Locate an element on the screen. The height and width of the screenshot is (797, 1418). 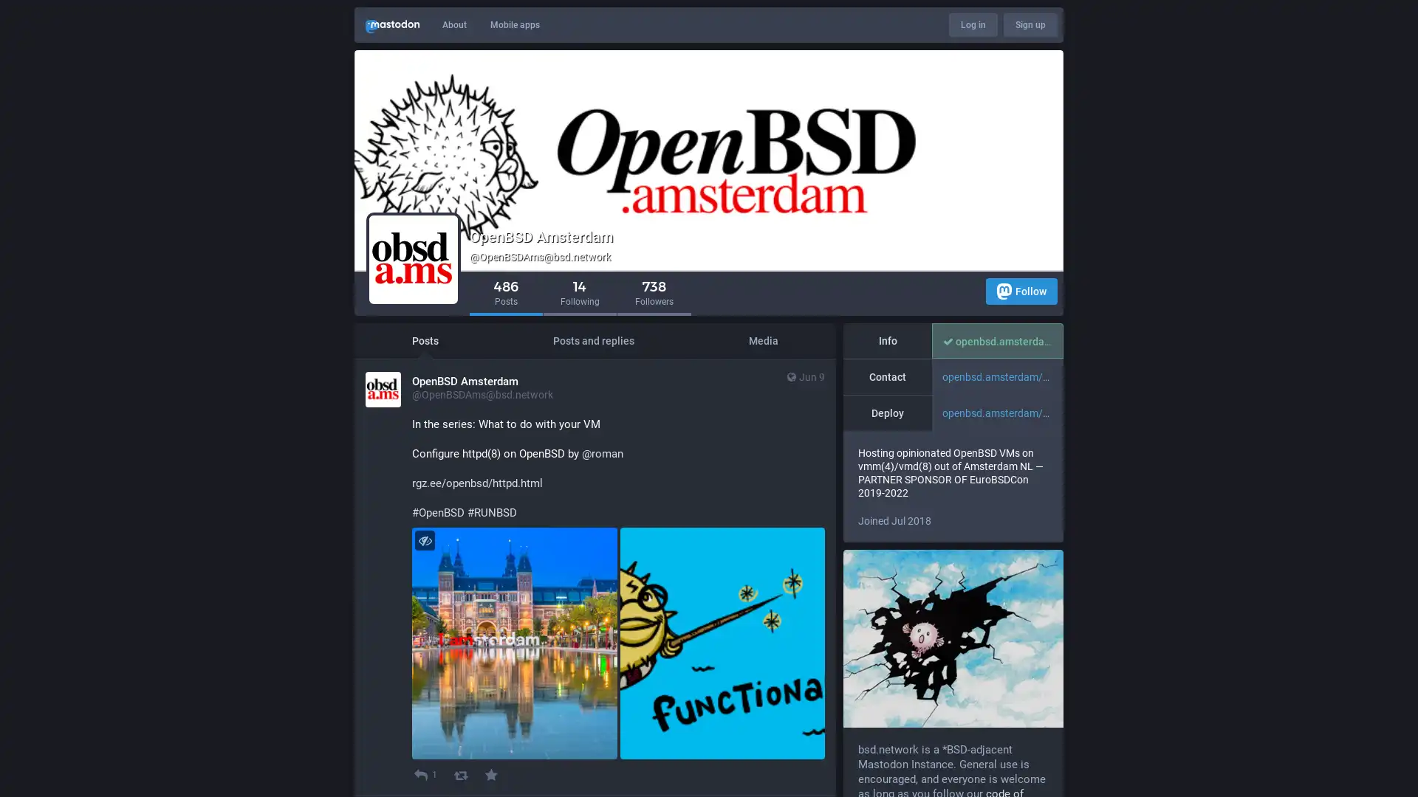
Hide images is located at coordinates (424, 540).